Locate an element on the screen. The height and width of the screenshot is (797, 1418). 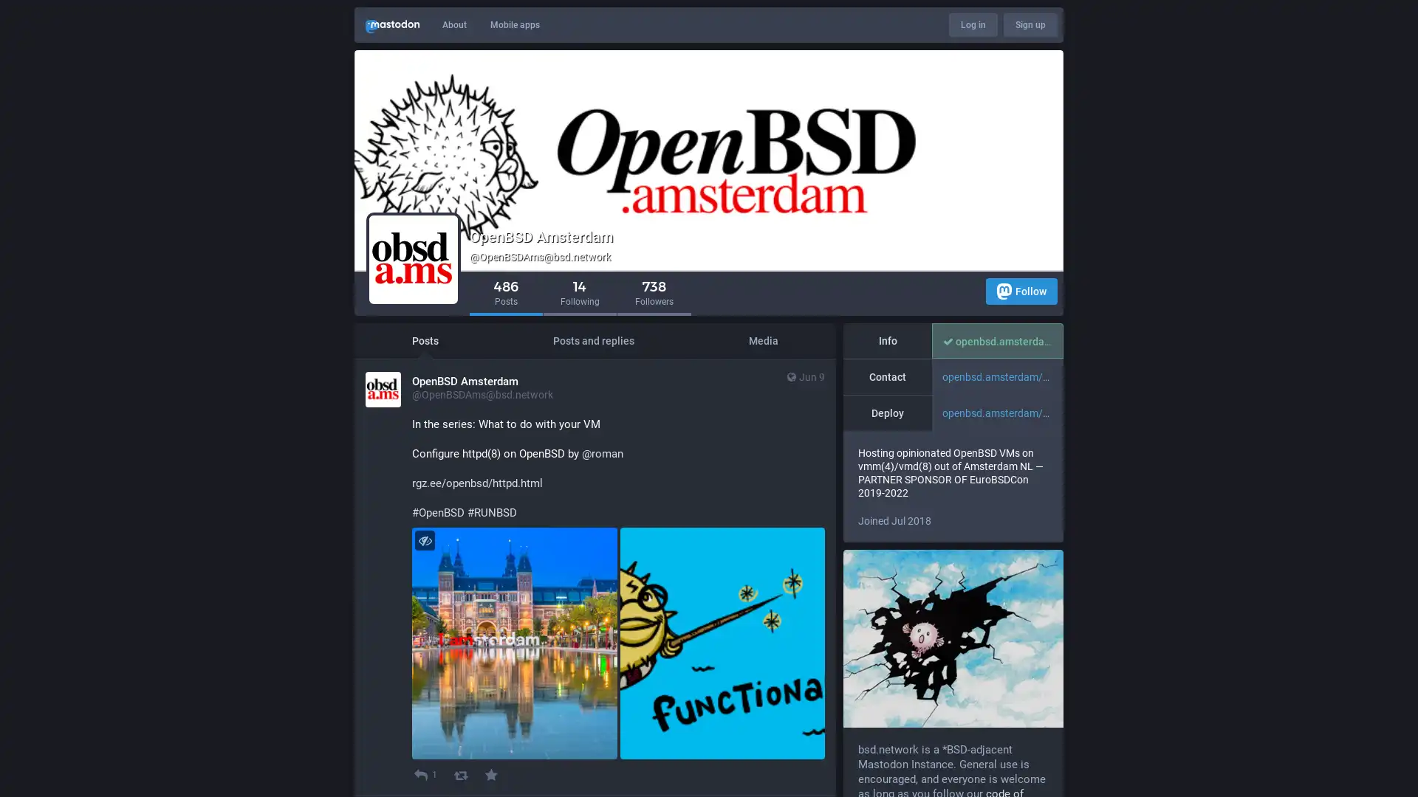
Hide images is located at coordinates (424, 540).